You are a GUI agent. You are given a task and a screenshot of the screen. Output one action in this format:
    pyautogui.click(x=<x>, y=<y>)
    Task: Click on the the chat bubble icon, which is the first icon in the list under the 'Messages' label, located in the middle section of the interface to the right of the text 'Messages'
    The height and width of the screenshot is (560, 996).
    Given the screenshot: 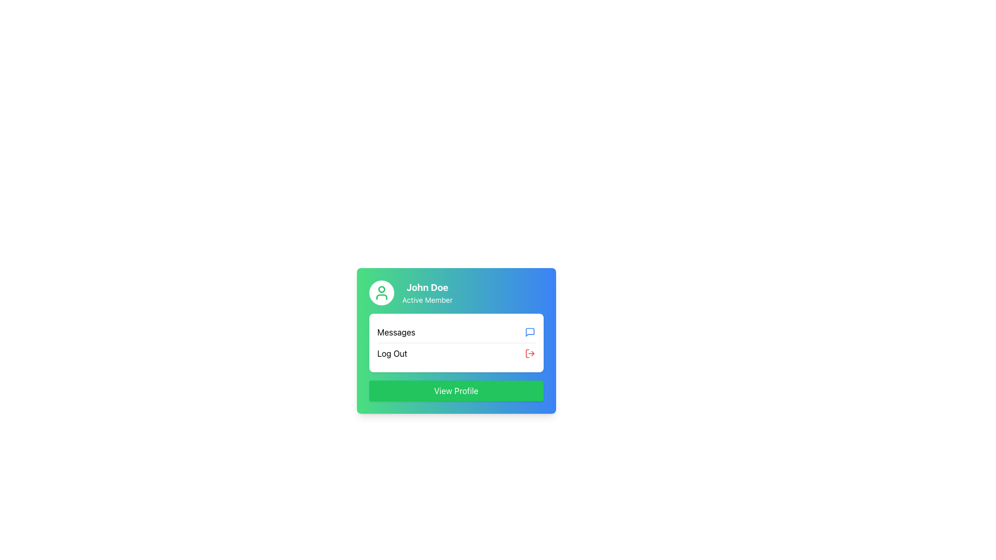 What is the action you would take?
    pyautogui.click(x=530, y=332)
    